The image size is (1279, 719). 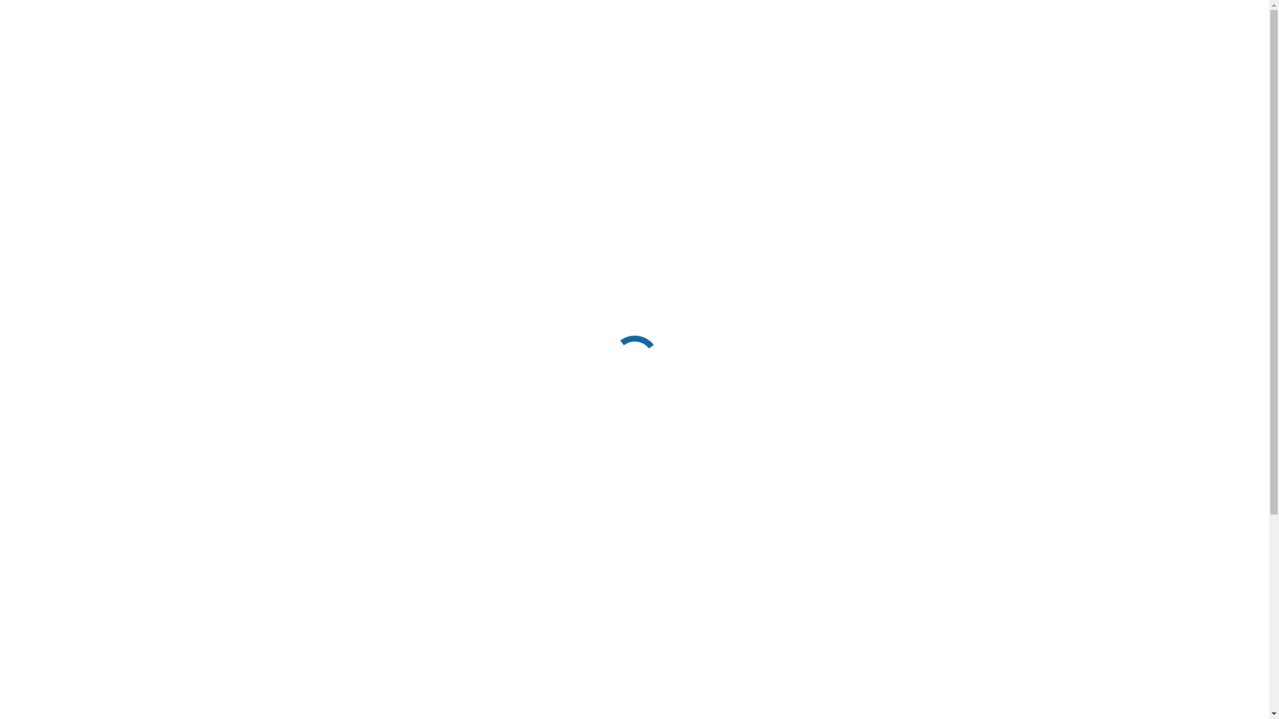 What do you see at coordinates (1022, 11) in the screenshot?
I see `'Twitter page opens in new window'` at bounding box center [1022, 11].